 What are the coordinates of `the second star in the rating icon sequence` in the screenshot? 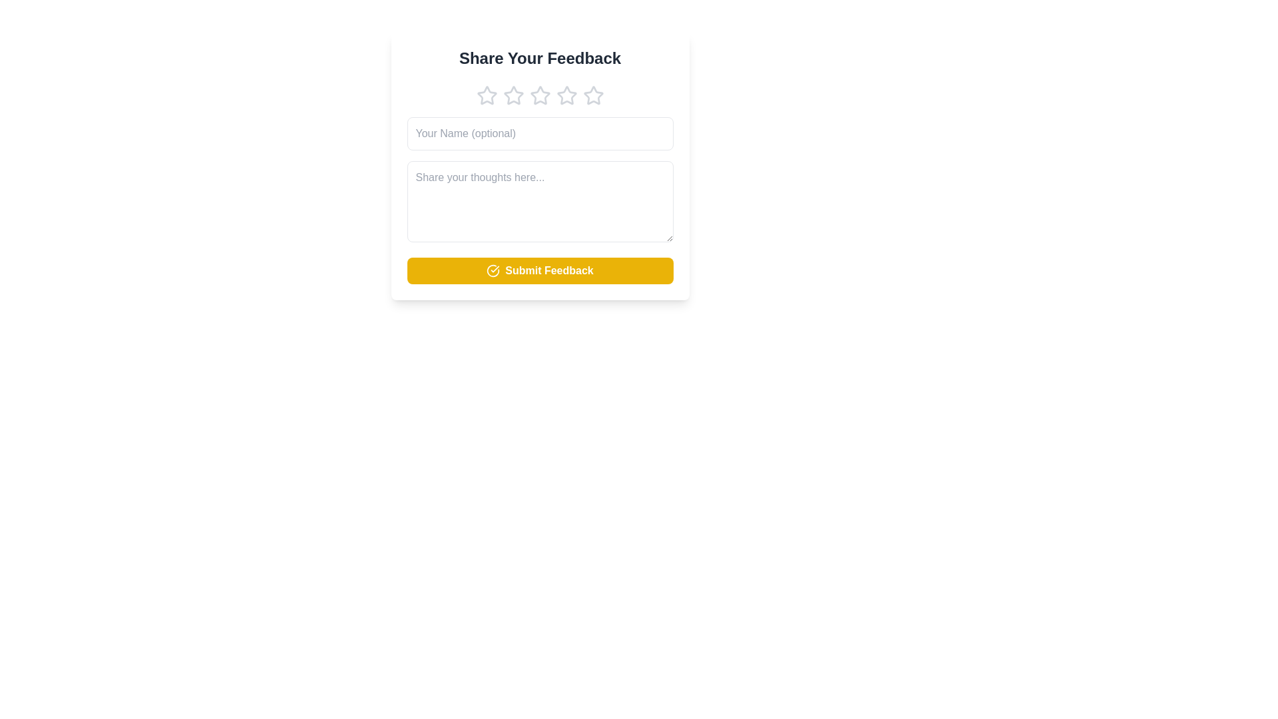 It's located at (513, 95).